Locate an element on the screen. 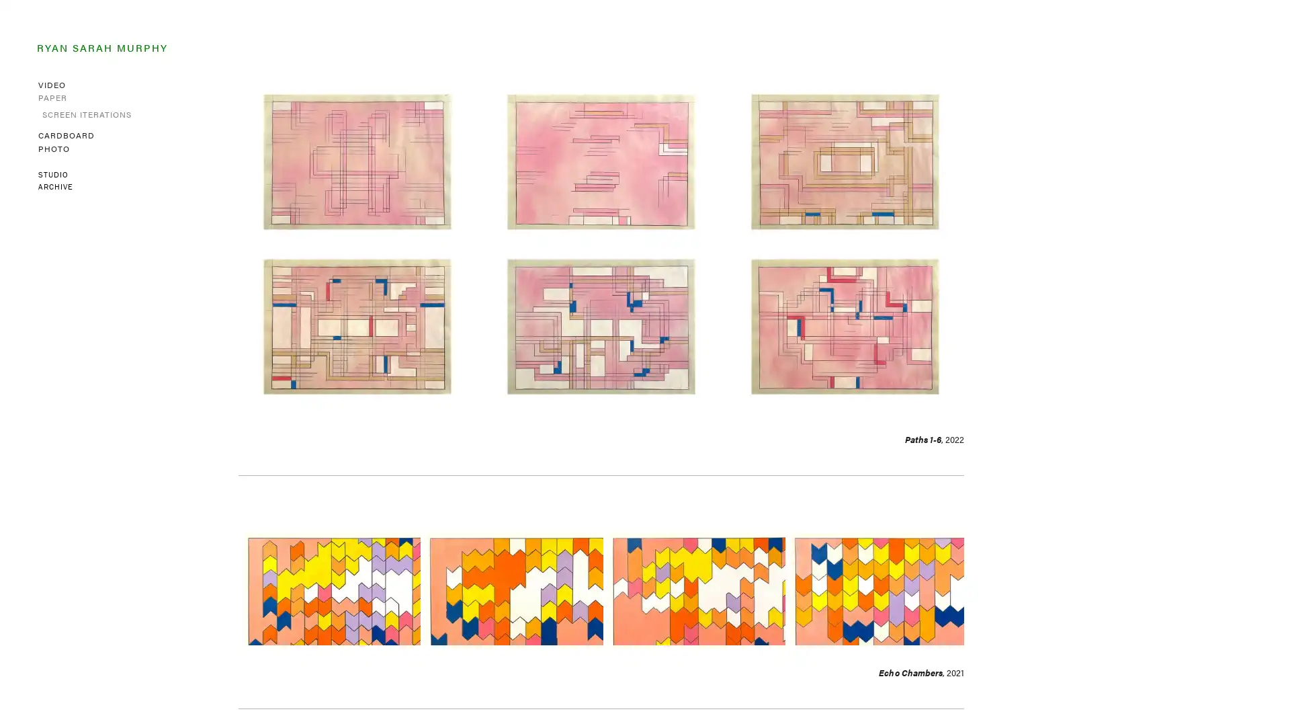 Image resolution: width=1290 pixels, height=726 pixels. View fullsize Path 1 , 2022 Spray paint, acrylic, colored pencil, graphite on graph paper 7.75 x 11 inches is located at coordinates (357, 161).